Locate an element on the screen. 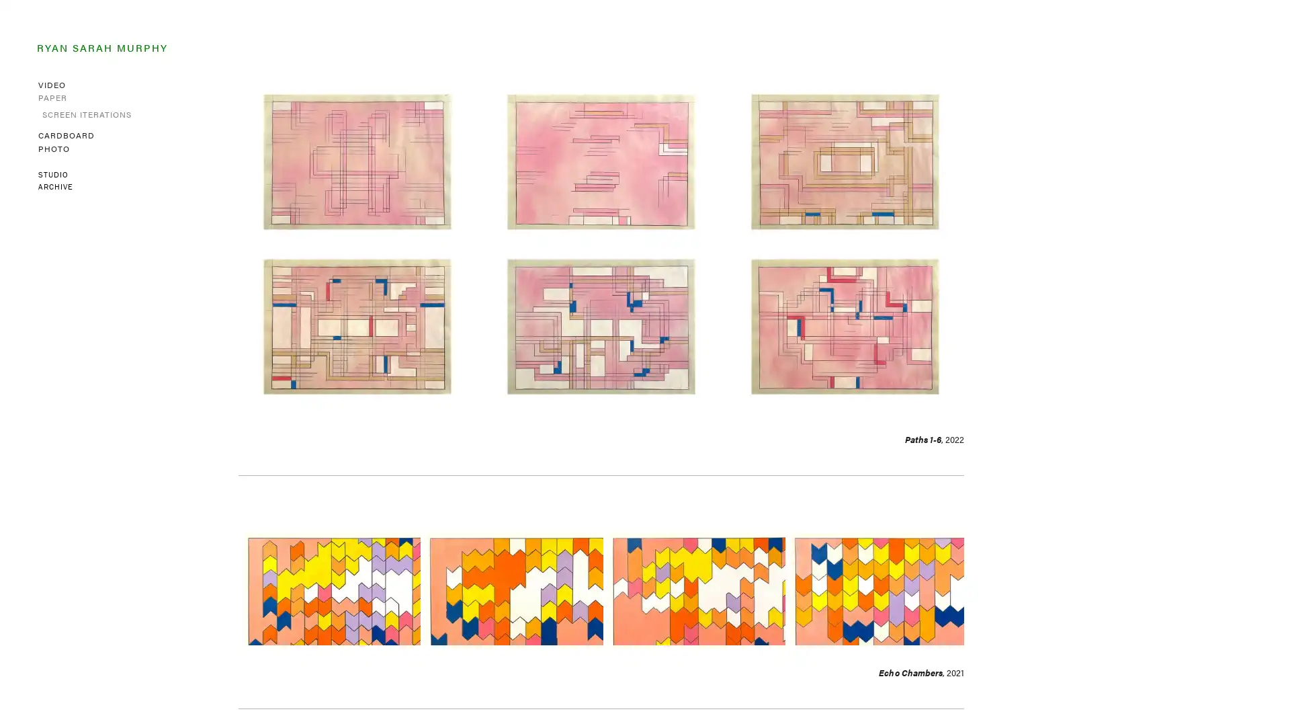 Image resolution: width=1290 pixels, height=726 pixels. View fullsize Path 1 , 2022 Spray paint, acrylic, colored pencil, graphite on graph paper 7.75 x 11 inches is located at coordinates (357, 161).